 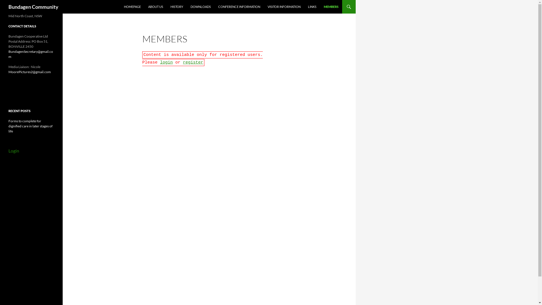 What do you see at coordinates (159, 62) in the screenshot?
I see `'login'` at bounding box center [159, 62].